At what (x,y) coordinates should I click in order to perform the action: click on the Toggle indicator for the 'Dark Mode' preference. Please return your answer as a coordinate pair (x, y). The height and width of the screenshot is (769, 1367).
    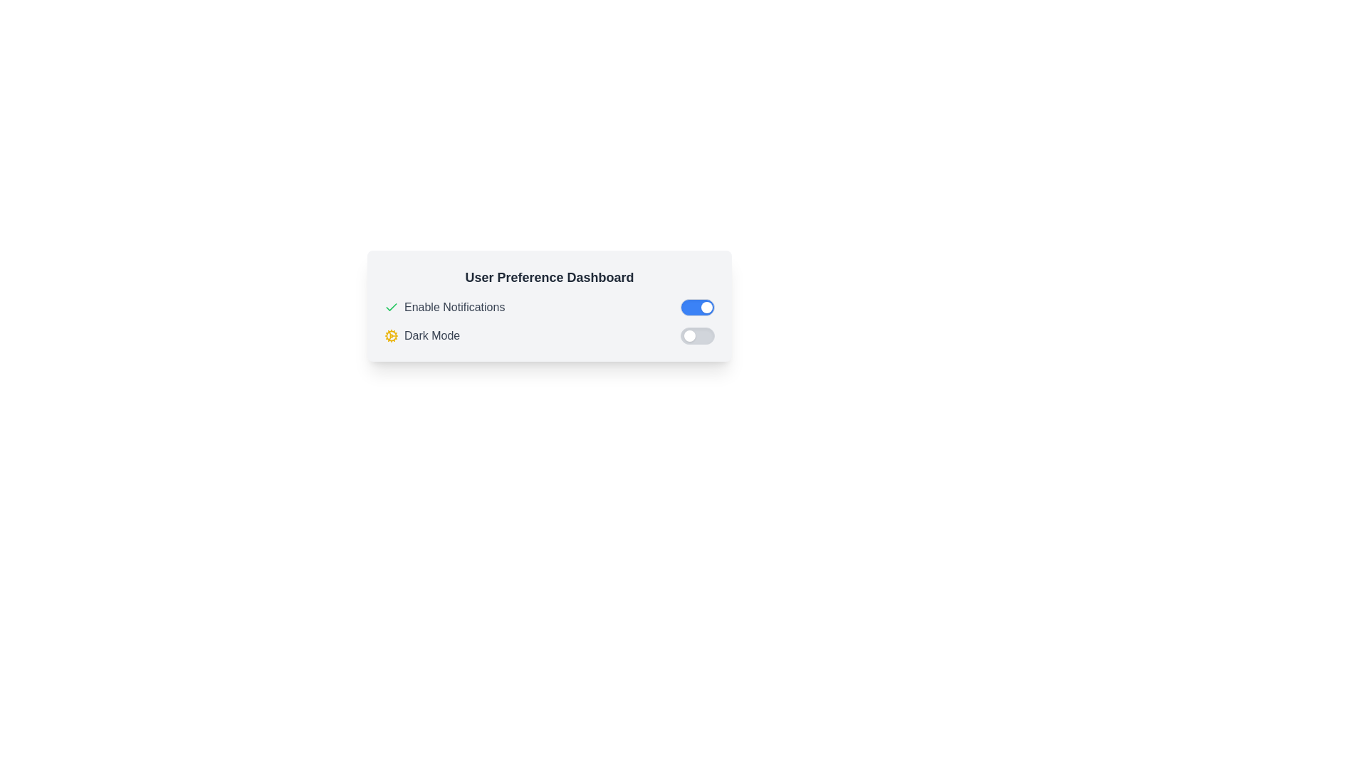
    Looking at the image, I should click on (690, 335).